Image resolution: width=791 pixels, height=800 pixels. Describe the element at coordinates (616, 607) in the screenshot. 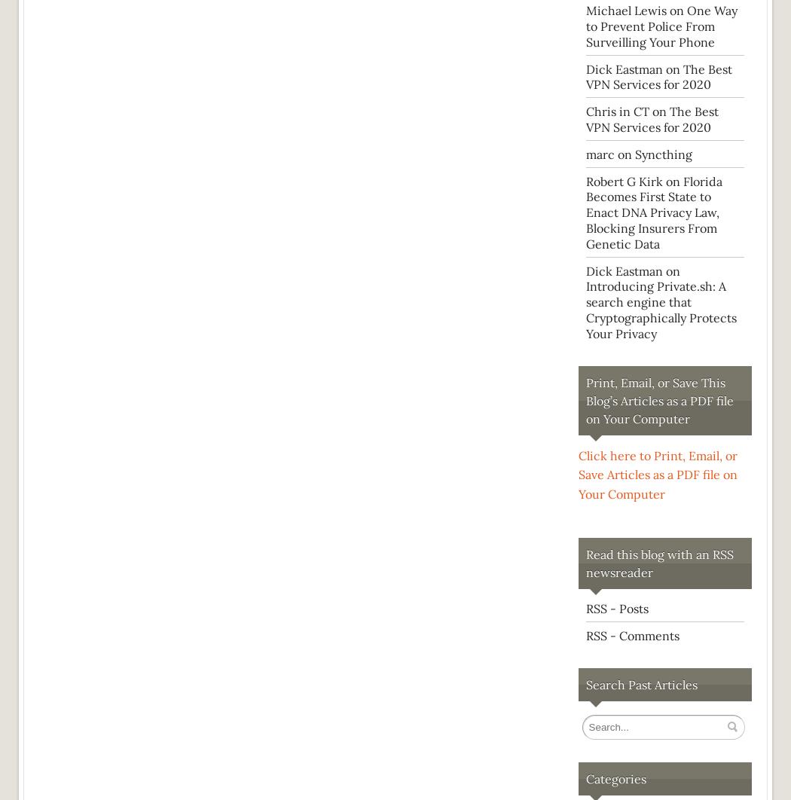

I see `'RSS - Posts'` at that location.